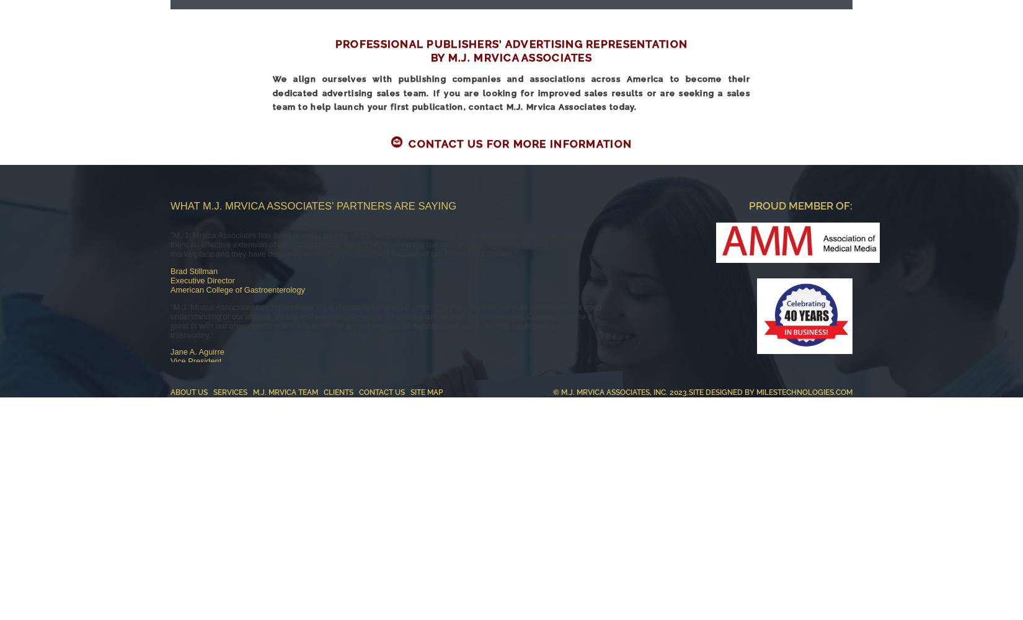 The image size is (1023, 620). Describe the element at coordinates (511, 93) in the screenshot. I see `'We align ourselves with publishing companies and associations across America to become their dedicated advertising sales team.  If you are looking for improved sales results or are seeking a sales team to help launch your first publication, contact M.J. Mrvica Associates today.'` at that location.